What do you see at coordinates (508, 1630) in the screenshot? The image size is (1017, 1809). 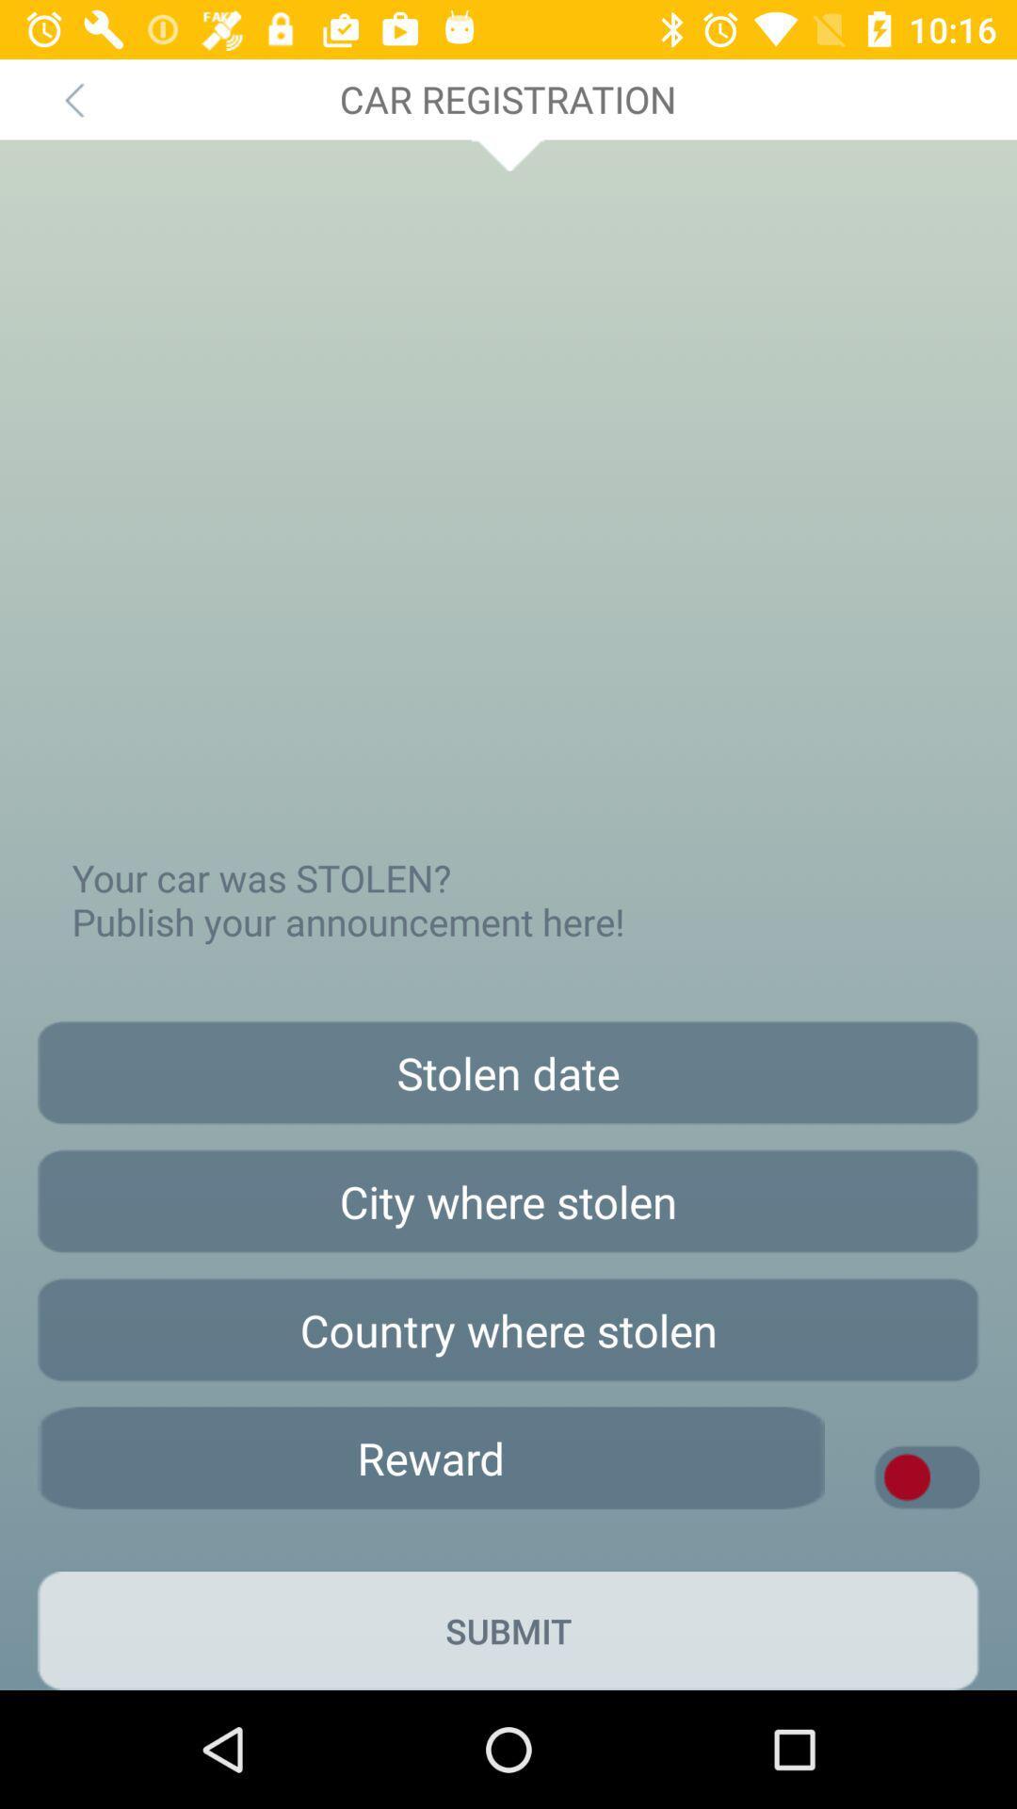 I see `the submit icon` at bounding box center [508, 1630].